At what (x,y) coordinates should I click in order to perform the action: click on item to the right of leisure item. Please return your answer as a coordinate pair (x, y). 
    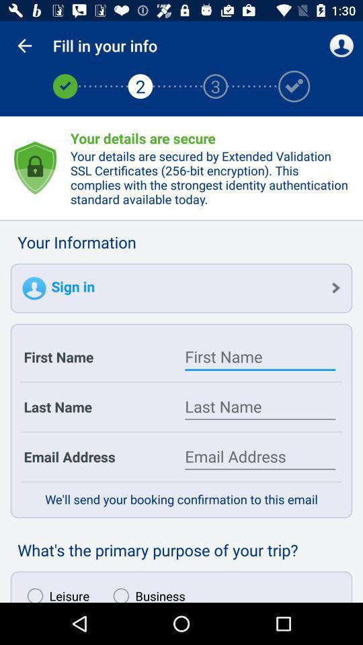
    Looking at the image, I should click on (145, 591).